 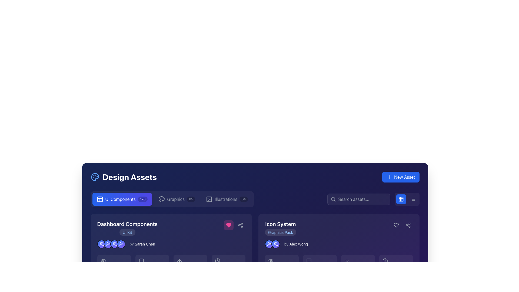 What do you see at coordinates (272, 244) in the screenshot?
I see `the icon group or user avatar cluster located at the top left corner of the card labeled 'Icon System'` at bounding box center [272, 244].